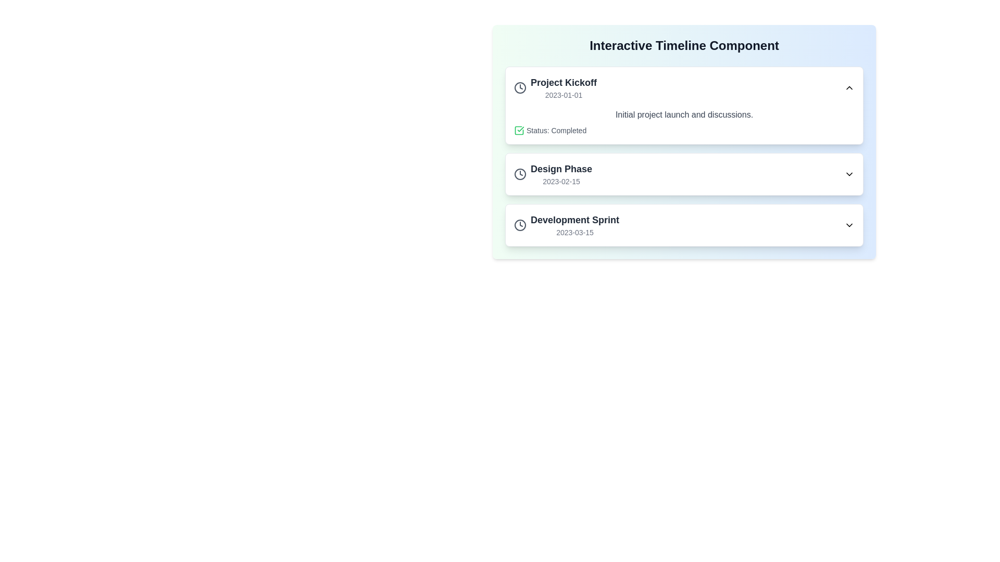 This screenshot has width=1000, height=562. Describe the element at coordinates (563, 95) in the screenshot. I see `the text label displaying the date '2023-01-01', which is located directly under the title 'Project Kickoff' in the timeline interface` at that location.